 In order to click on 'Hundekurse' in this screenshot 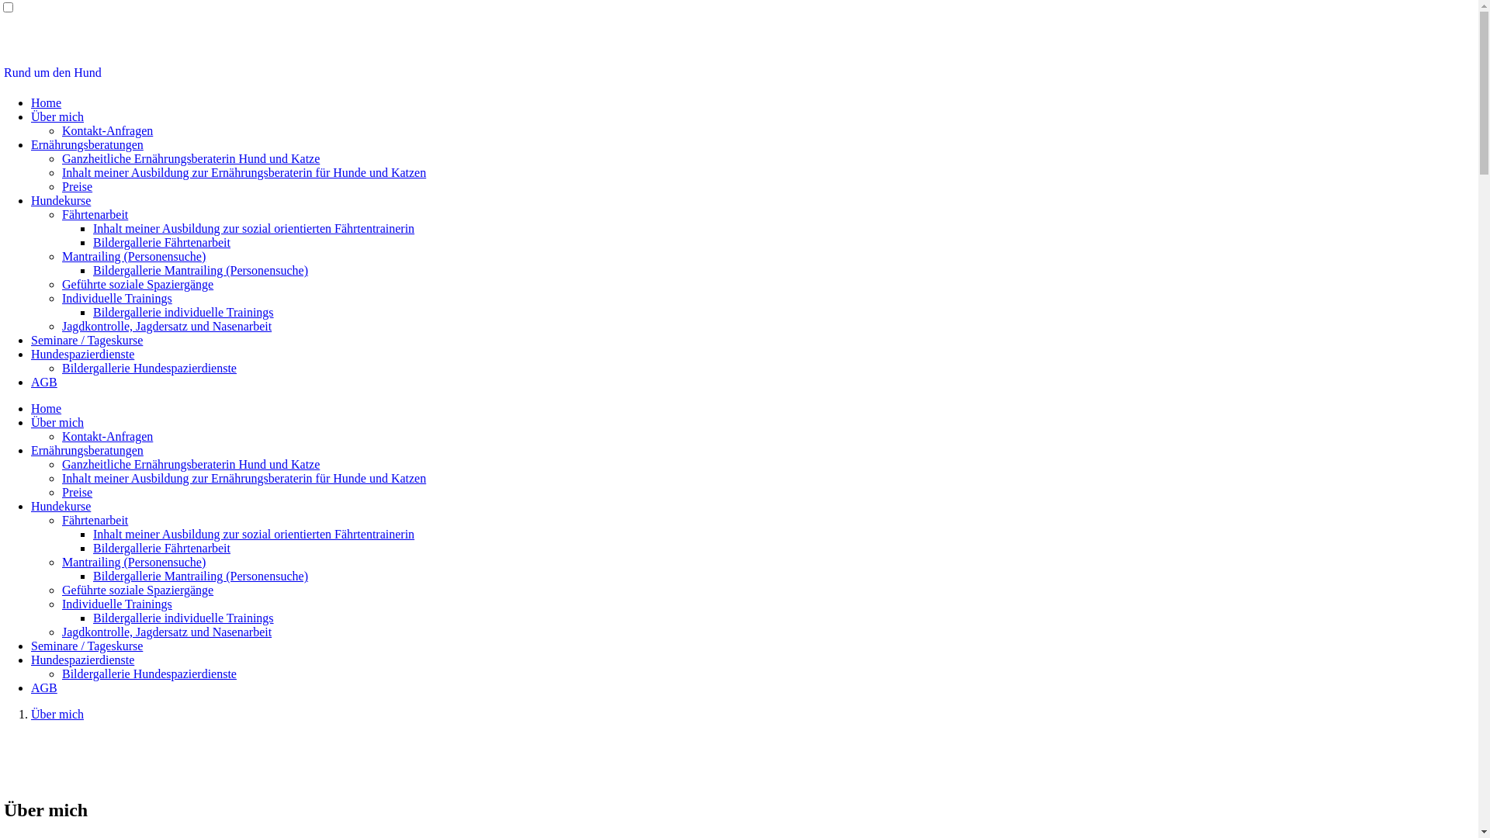, I will do `click(61, 506)`.